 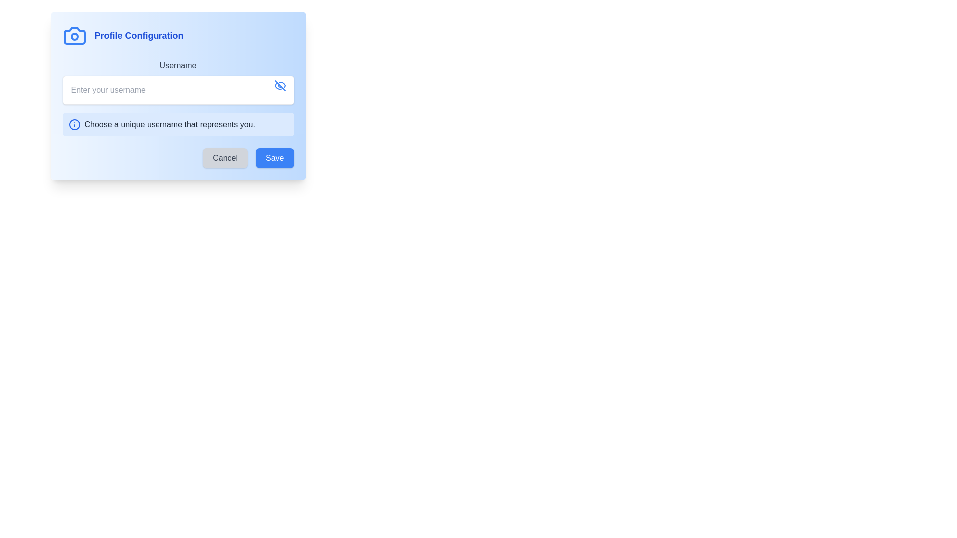 What do you see at coordinates (279, 85) in the screenshot?
I see `the hidden eye icon located at the far right of the username input field` at bounding box center [279, 85].